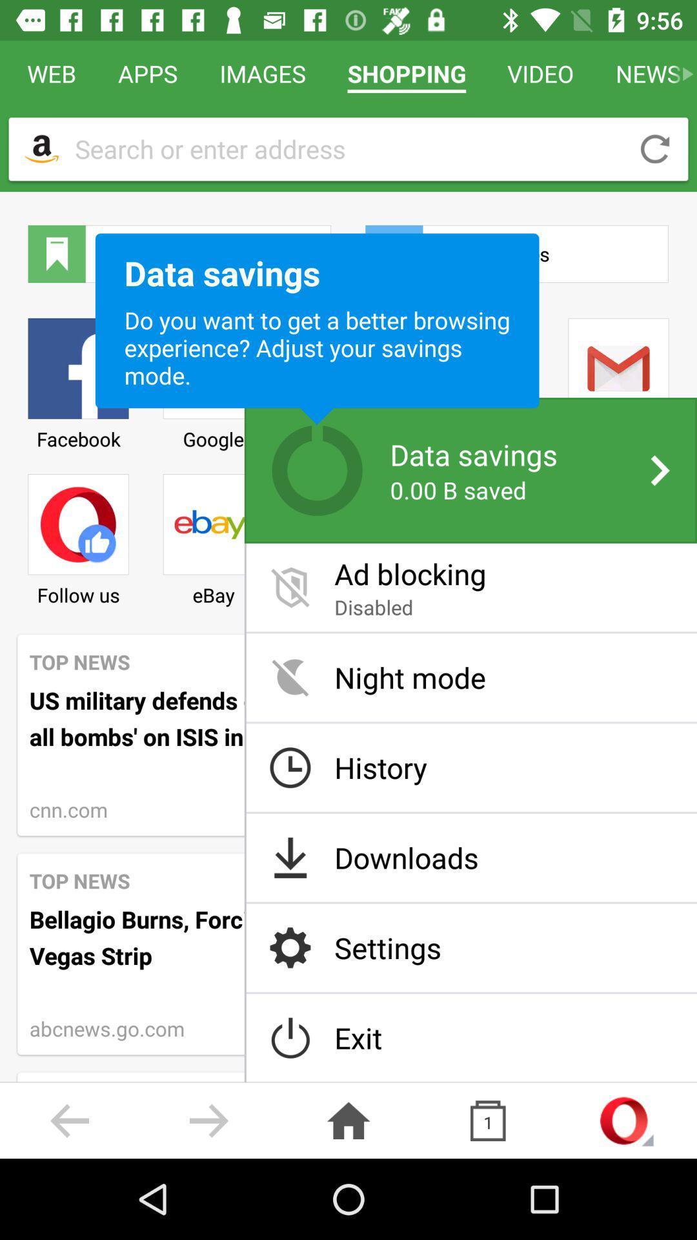 The image size is (697, 1240). Describe the element at coordinates (290, 858) in the screenshot. I see `download icon left to downloads` at that location.